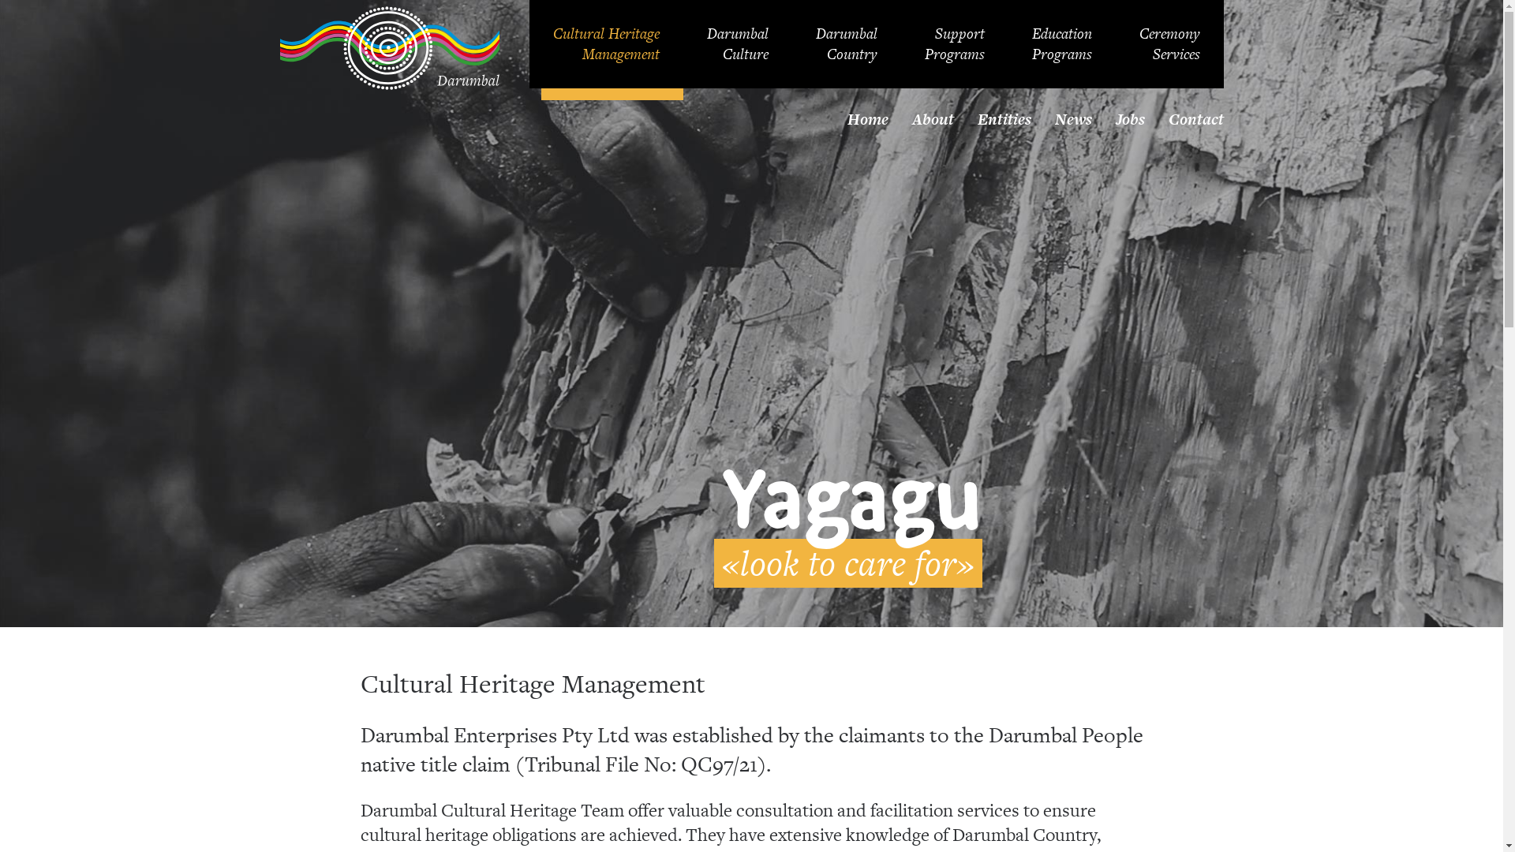 The height and width of the screenshot is (852, 1515). What do you see at coordinates (1061, 43) in the screenshot?
I see `'Education` at bounding box center [1061, 43].